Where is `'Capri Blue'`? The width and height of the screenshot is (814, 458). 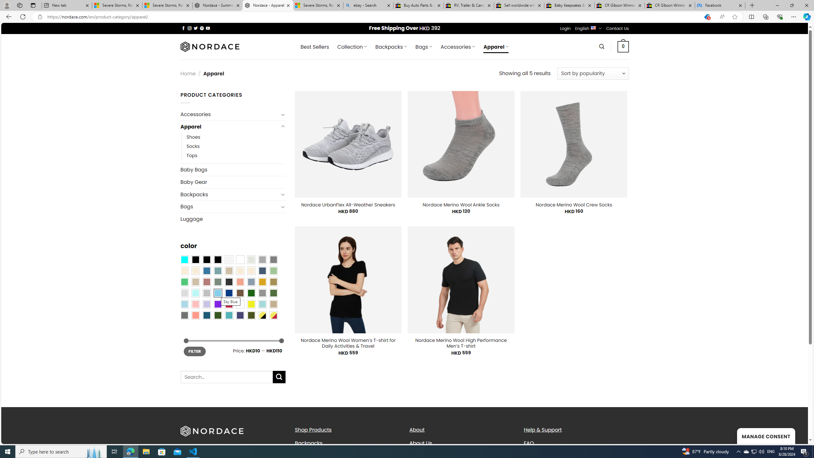
'Capri Blue' is located at coordinates (206, 315).